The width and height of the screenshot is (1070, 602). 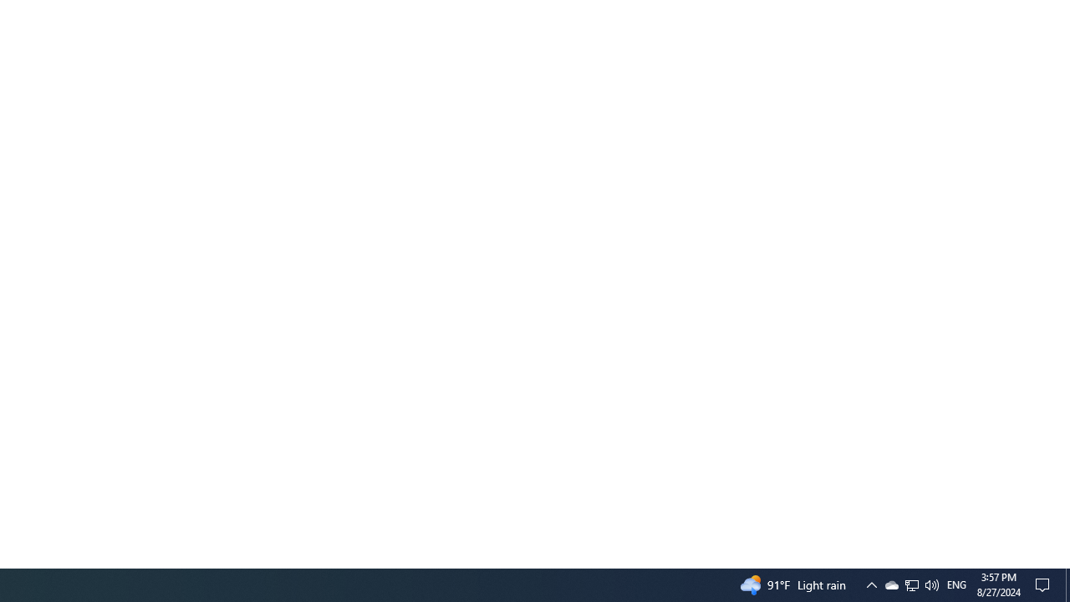 What do you see at coordinates (910, 584) in the screenshot?
I see `'Tray Input Indicator - English (United States)'` at bounding box center [910, 584].